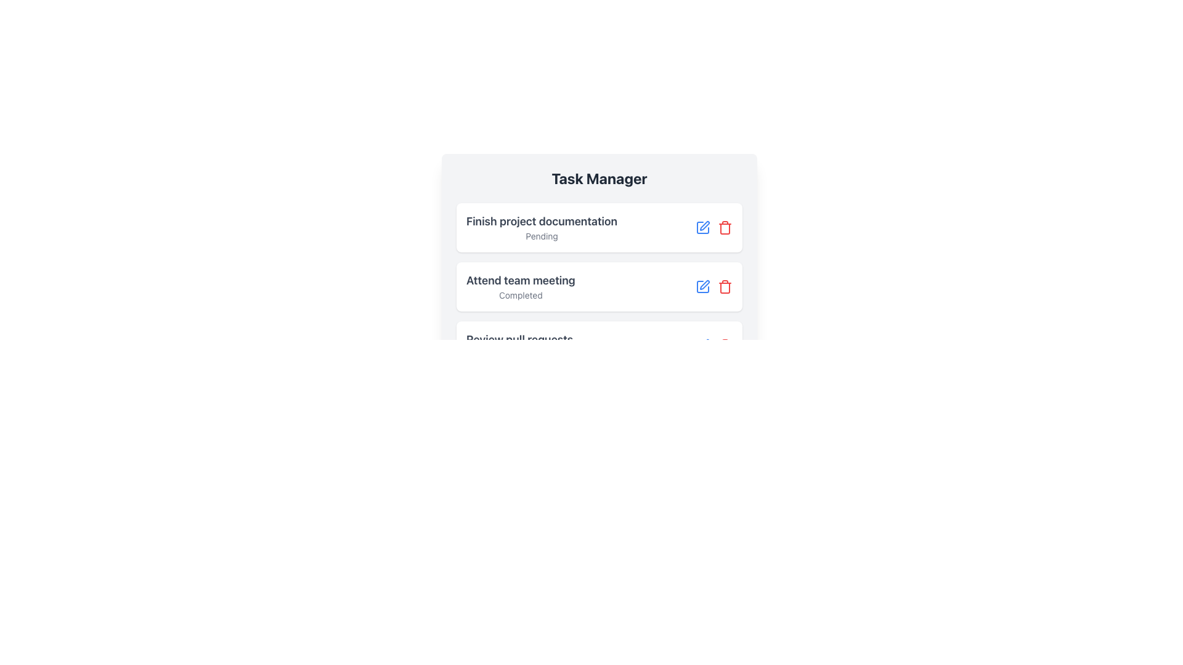  What do you see at coordinates (542, 228) in the screenshot?
I see `the main descriptive text for the task located in the first card of the vertical list under the 'Task Manager' title` at bounding box center [542, 228].